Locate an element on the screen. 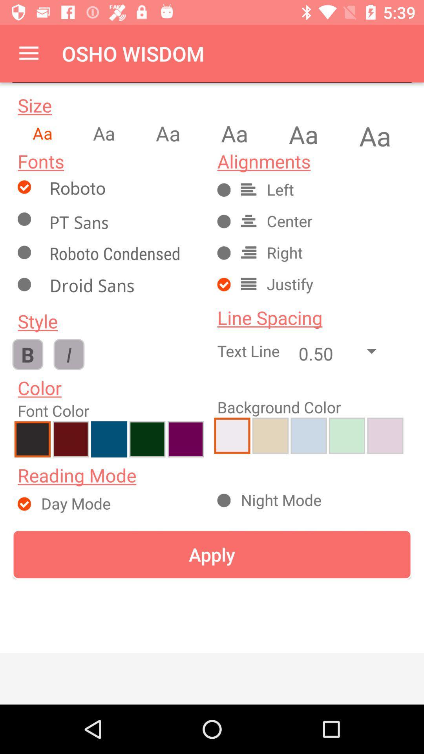  change font to roboto condensed is located at coordinates (124, 255).